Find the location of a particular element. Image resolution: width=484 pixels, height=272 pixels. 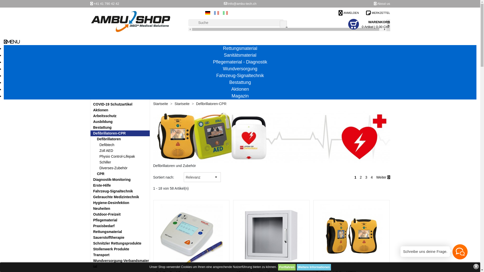

'4' is located at coordinates (372, 177).